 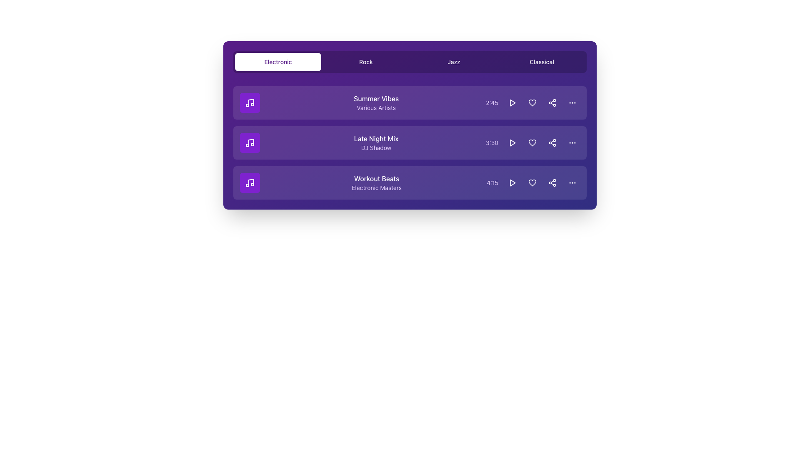 I want to click on the 'Rock' button, which is the second button in a horizontal row located near the top-center of the interface, to trigger any potential hover effects, so click(x=366, y=62).